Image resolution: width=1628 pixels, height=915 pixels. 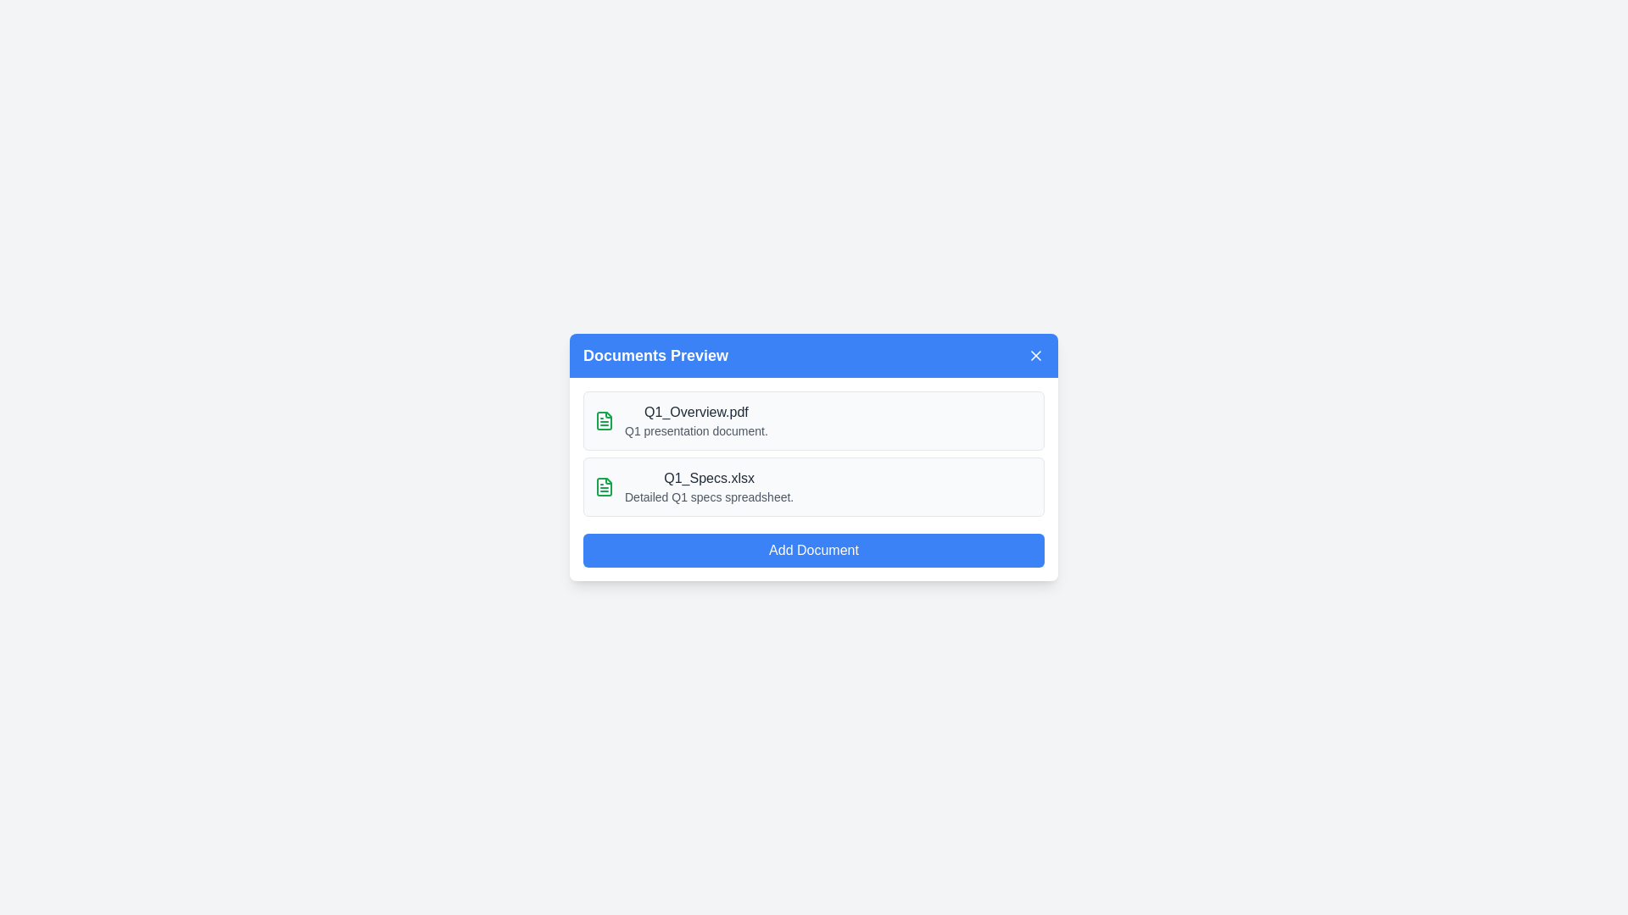 I want to click on the 'X' button to close the dialog, so click(x=1035, y=355).